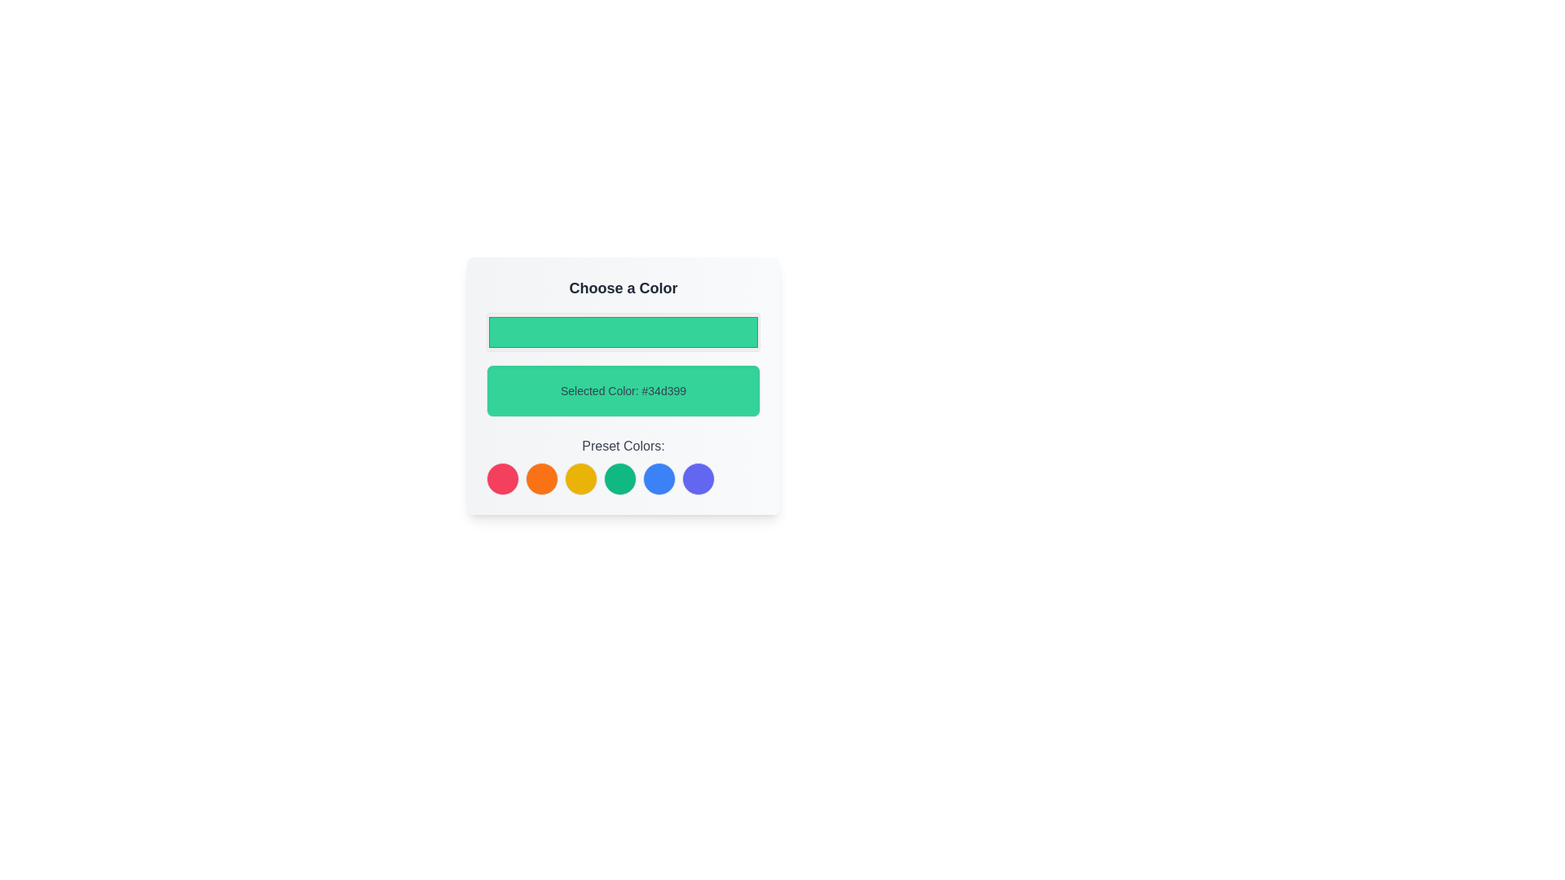 The image size is (1565, 880). What do you see at coordinates (542, 477) in the screenshot?
I see `the orange color selection button, which is the second circular option in the 'Preset Colors' row, located between the red and yellow circles` at bounding box center [542, 477].